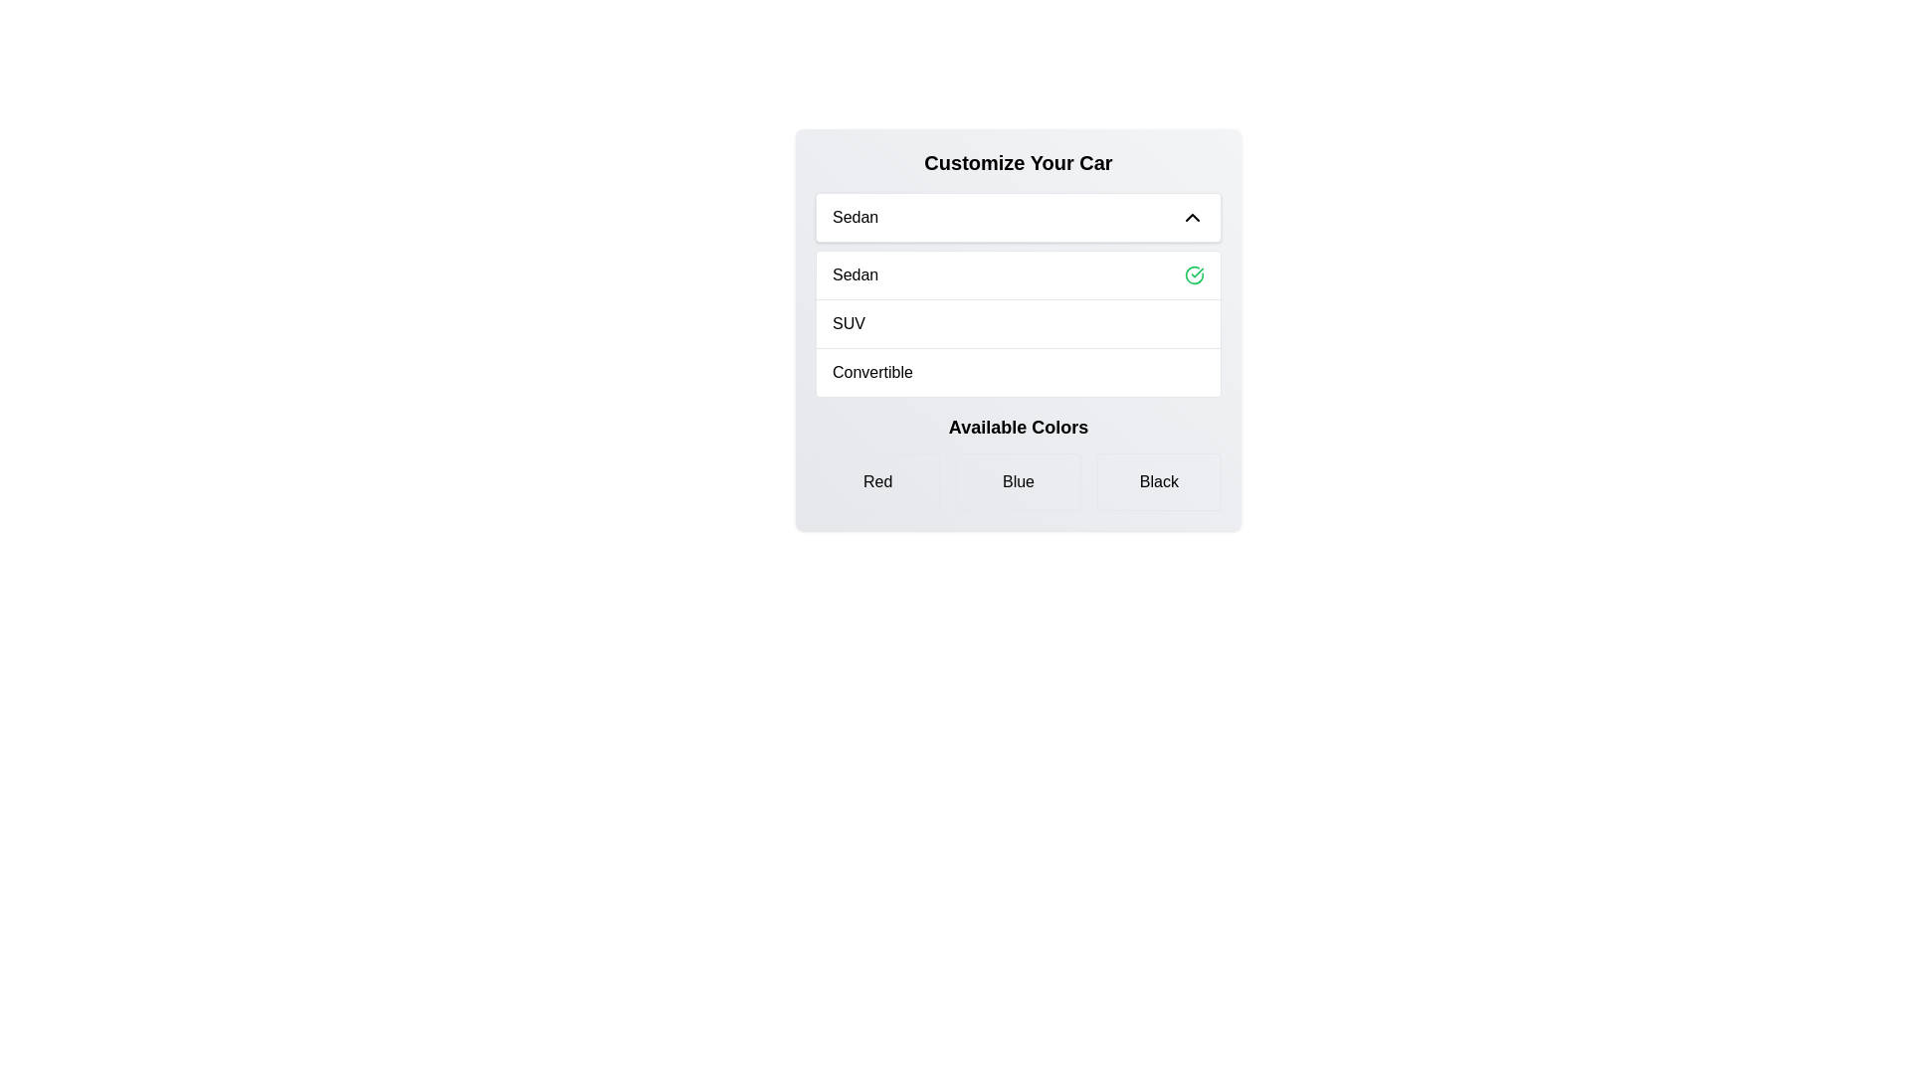 This screenshot has width=1910, height=1074. I want to click on the rectangular button labeled 'Black' with a gray background and rounded corners, so click(1159, 482).